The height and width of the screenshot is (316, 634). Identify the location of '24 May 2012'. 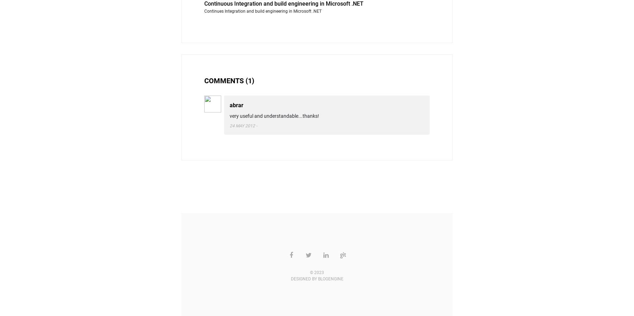
(242, 125).